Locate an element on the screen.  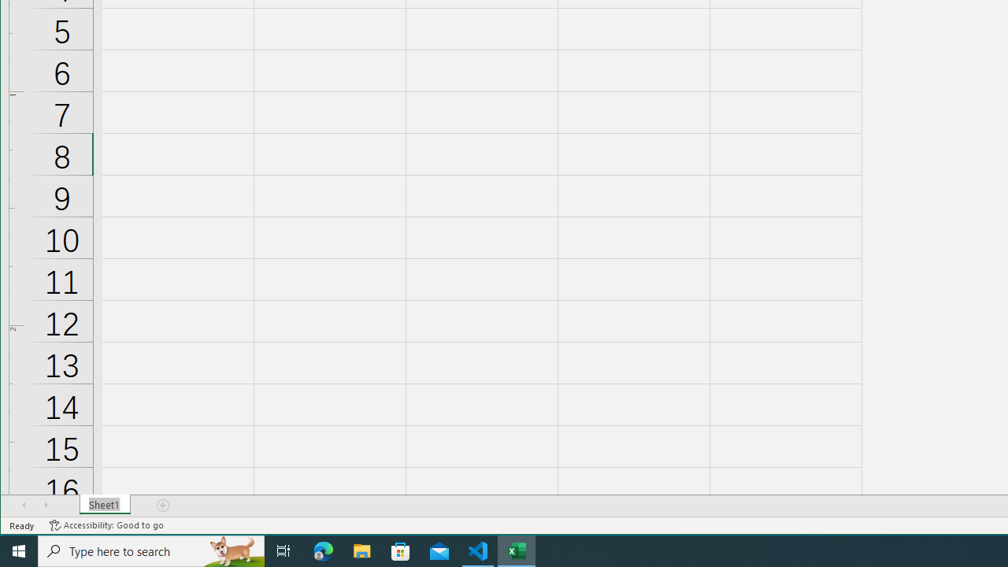
'Scroll Left' is located at coordinates (24, 505).